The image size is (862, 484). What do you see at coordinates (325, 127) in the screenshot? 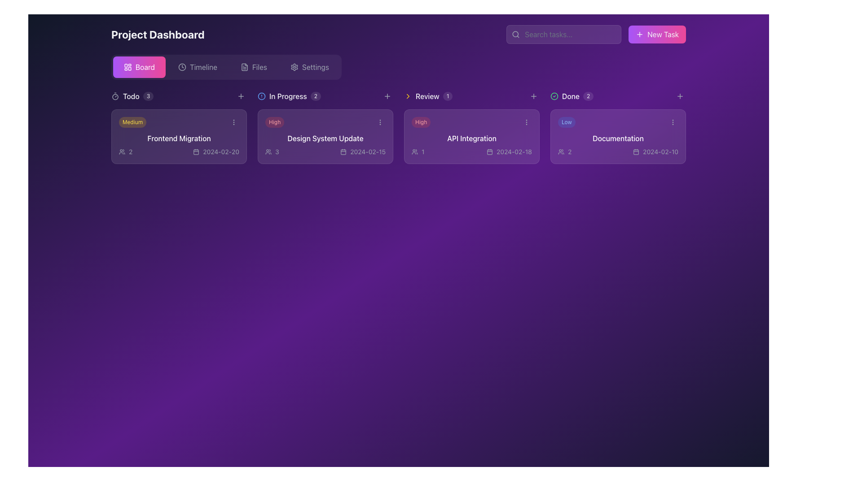
I see `the 'Design System Update' task card from the 'In Progress' column` at bounding box center [325, 127].